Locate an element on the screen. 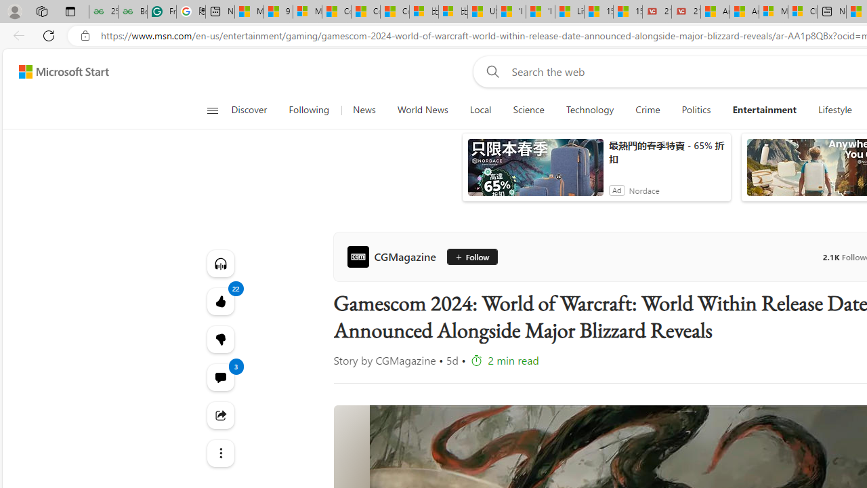 This screenshot has height=488, width=867. '22 Like' is located at coordinates (220, 300).